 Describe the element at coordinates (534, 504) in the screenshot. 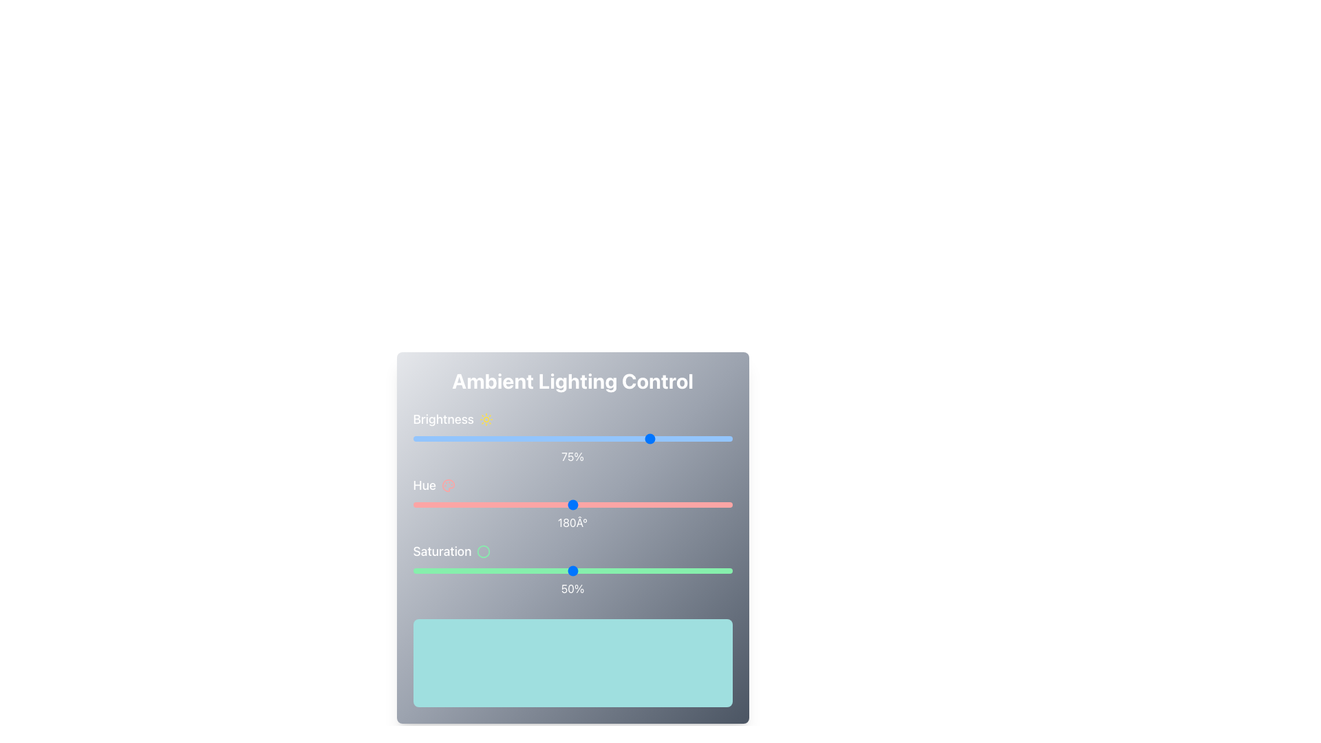

I see `the hue value` at that location.